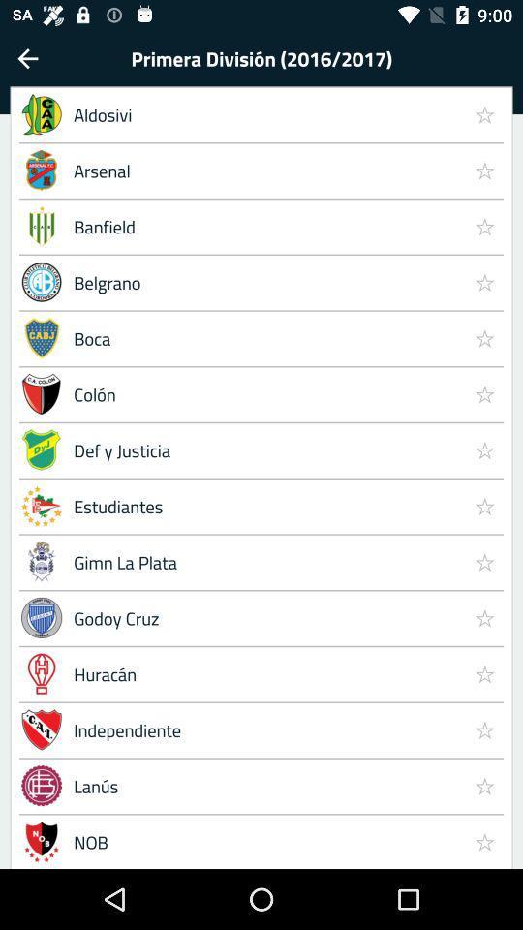  Describe the element at coordinates (483, 673) in the screenshot. I see `icon next to the godoy cruz item` at that location.